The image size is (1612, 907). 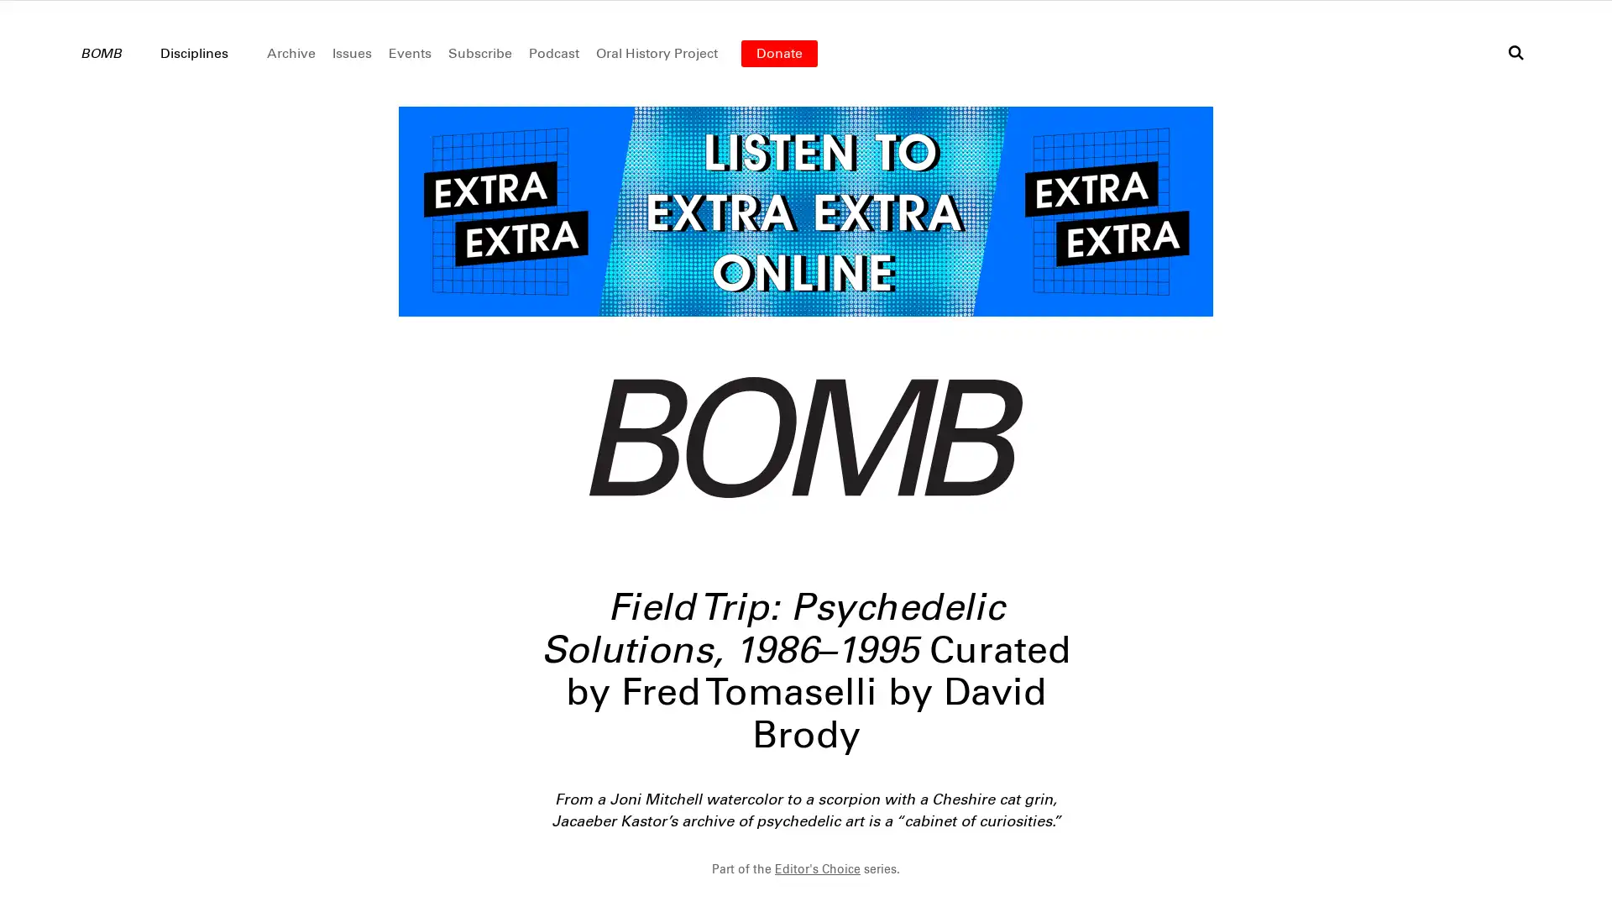 I want to click on close-c-o, so click(x=806, y=885).